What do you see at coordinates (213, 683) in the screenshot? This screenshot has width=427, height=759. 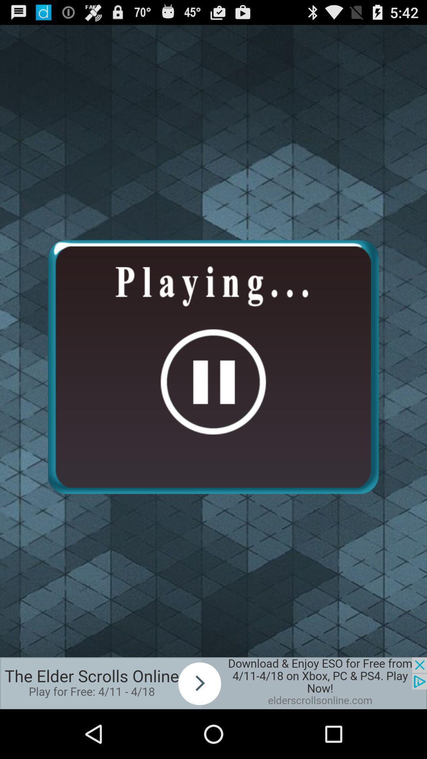 I see `open advertisement` at bounding box center [213, 683].